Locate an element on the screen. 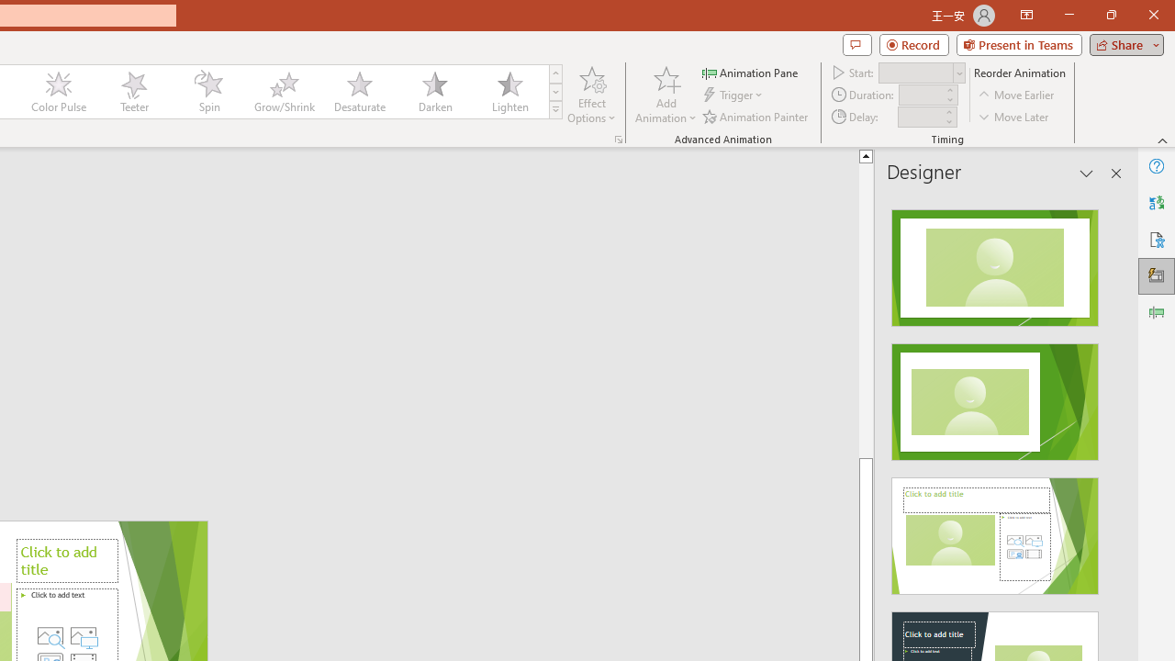 This screenshot has height=661, width=1175. 'Animation Duration' is located at coordinates (921, 95).